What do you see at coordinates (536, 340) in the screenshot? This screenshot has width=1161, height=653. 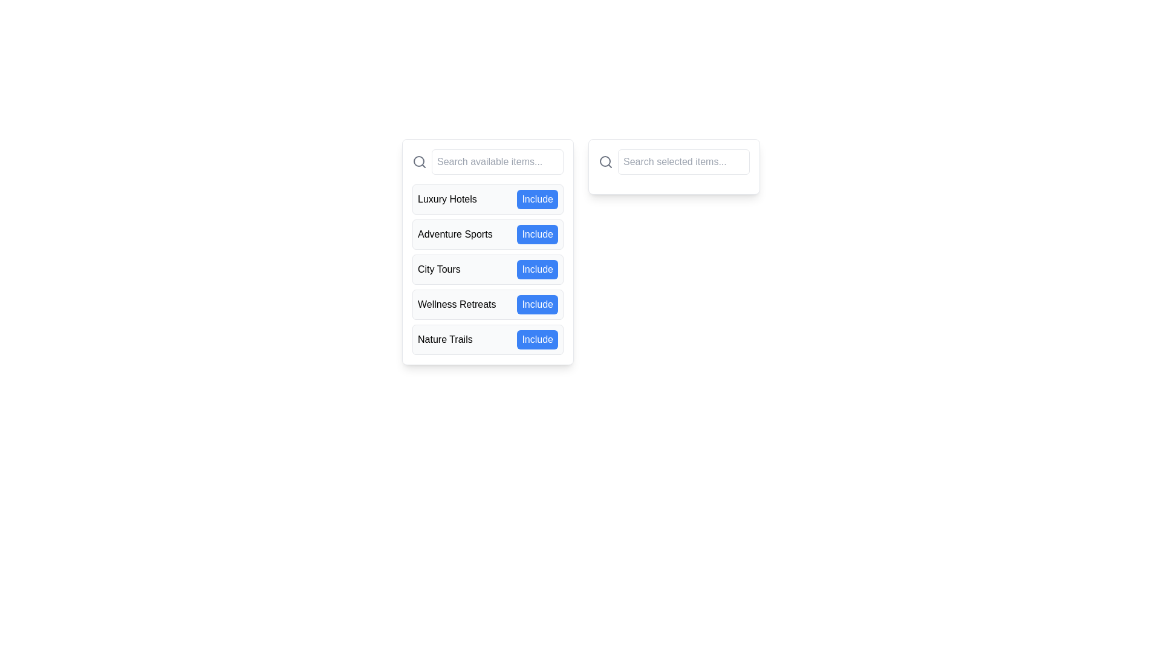 I see `the medium-sized blue button labeled 'Include' located to the right of 'Nature Trails' in the fifth row of the vertical list` at bounding box center [536, 340].